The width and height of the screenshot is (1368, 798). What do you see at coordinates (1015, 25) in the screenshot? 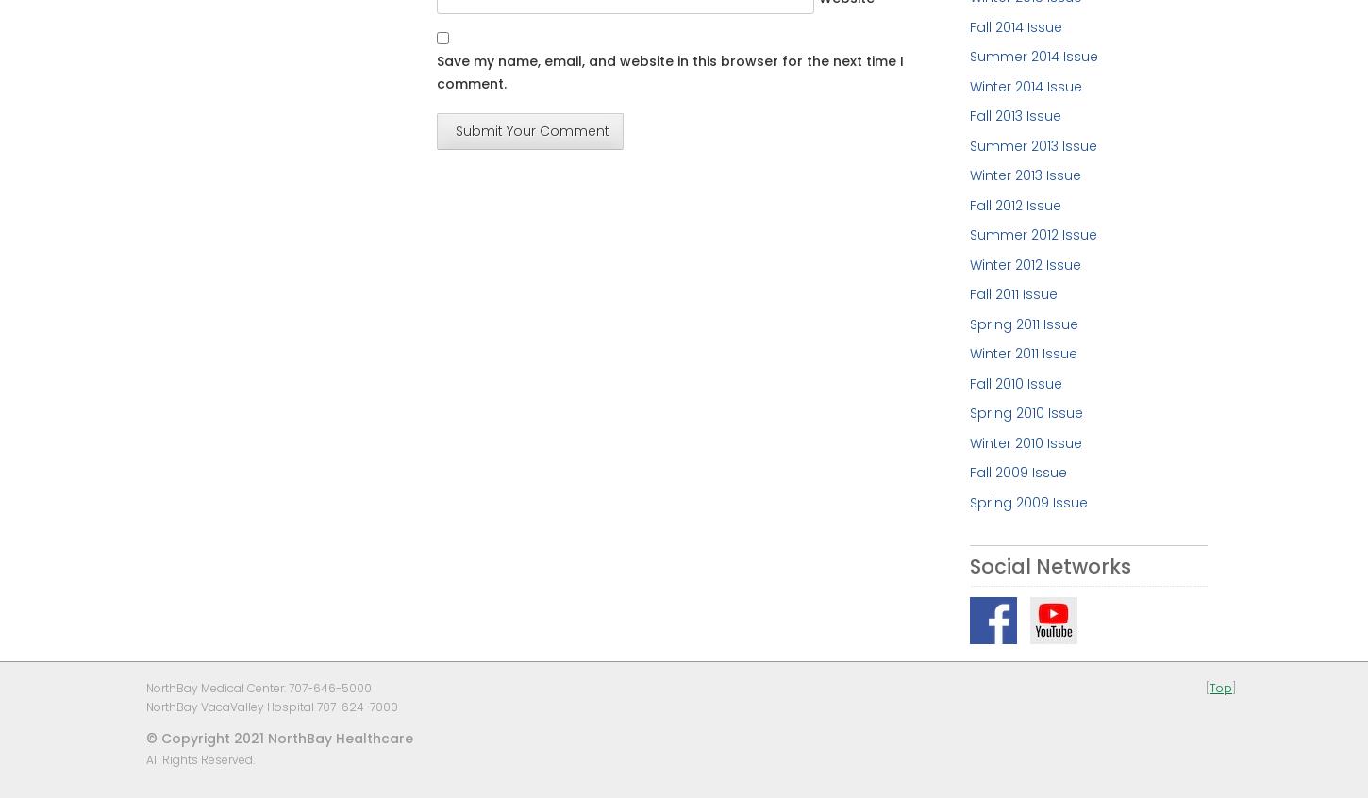
I see `'Fall 2014 Issue'` at bounding box center [1015, 25].